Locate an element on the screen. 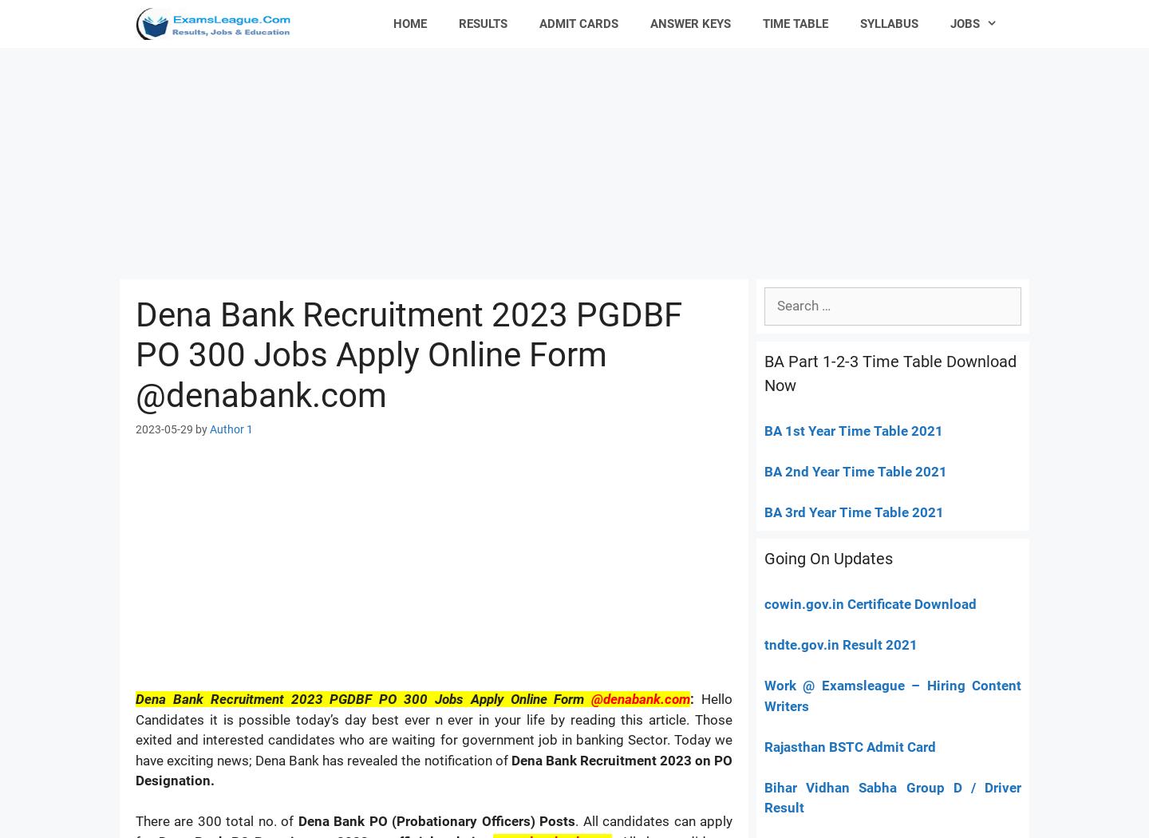 The width and height of the screenshot is (1149, 838). 'SYLLABUS' is located at coordinates (888, 24).